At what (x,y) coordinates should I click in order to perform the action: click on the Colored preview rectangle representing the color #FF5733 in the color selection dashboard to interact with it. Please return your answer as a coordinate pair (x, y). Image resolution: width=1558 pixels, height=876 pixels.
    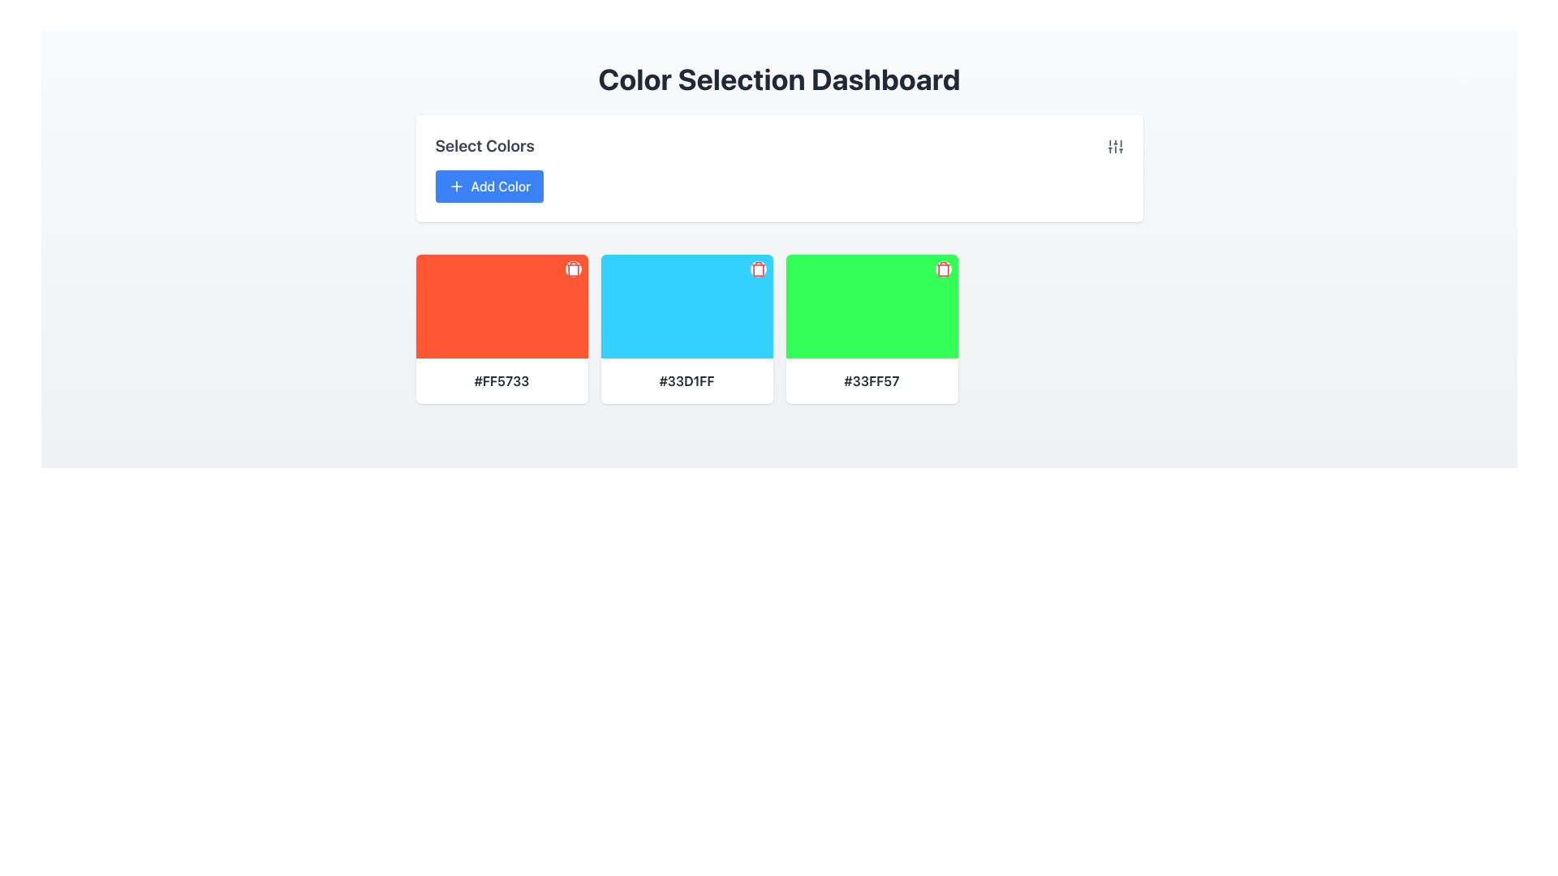
    Looking at the image, I should click on (501, 307).